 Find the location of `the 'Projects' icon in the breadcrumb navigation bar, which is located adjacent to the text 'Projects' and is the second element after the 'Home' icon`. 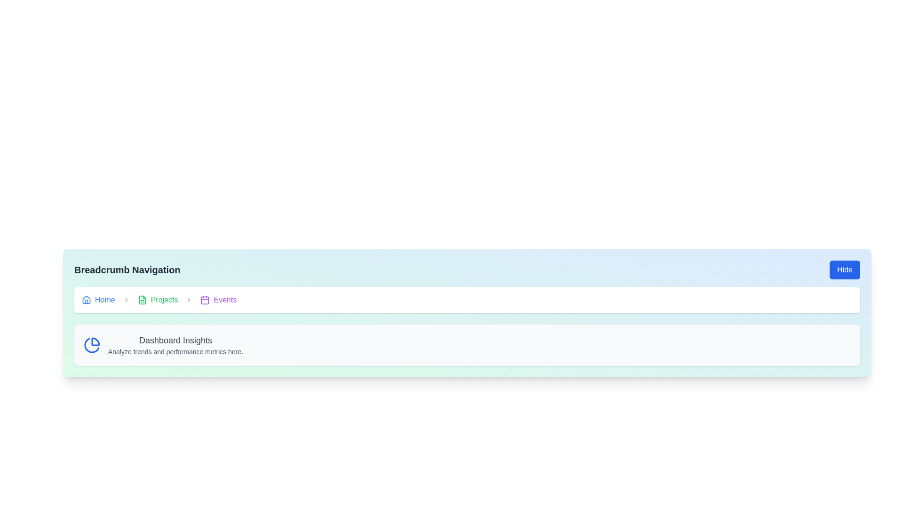

the 'Projects' icon in the breadcrumb navigation bar, which is located adjacent to the text 'Projects' and is the second element after the 'Home' icon is located at coordinates (142, 300).